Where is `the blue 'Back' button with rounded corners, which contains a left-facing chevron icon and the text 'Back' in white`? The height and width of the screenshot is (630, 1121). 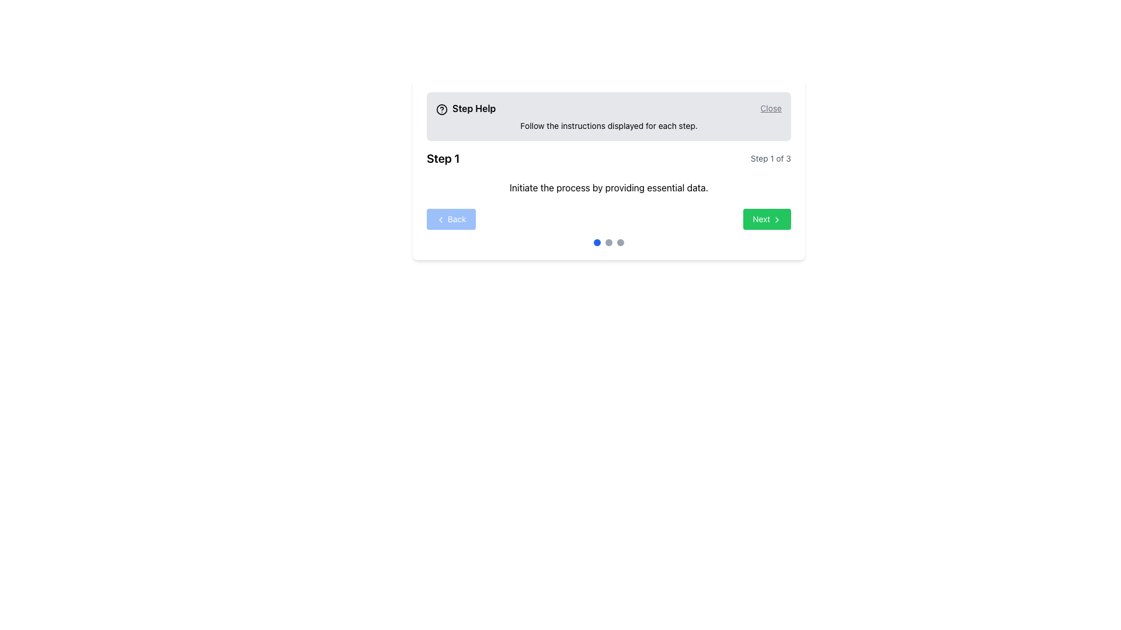 the blue 'Back' button with rounded corners, which contains a left-facing chevron icon and the text 'Back' in white is located at coordinates (450, 219).